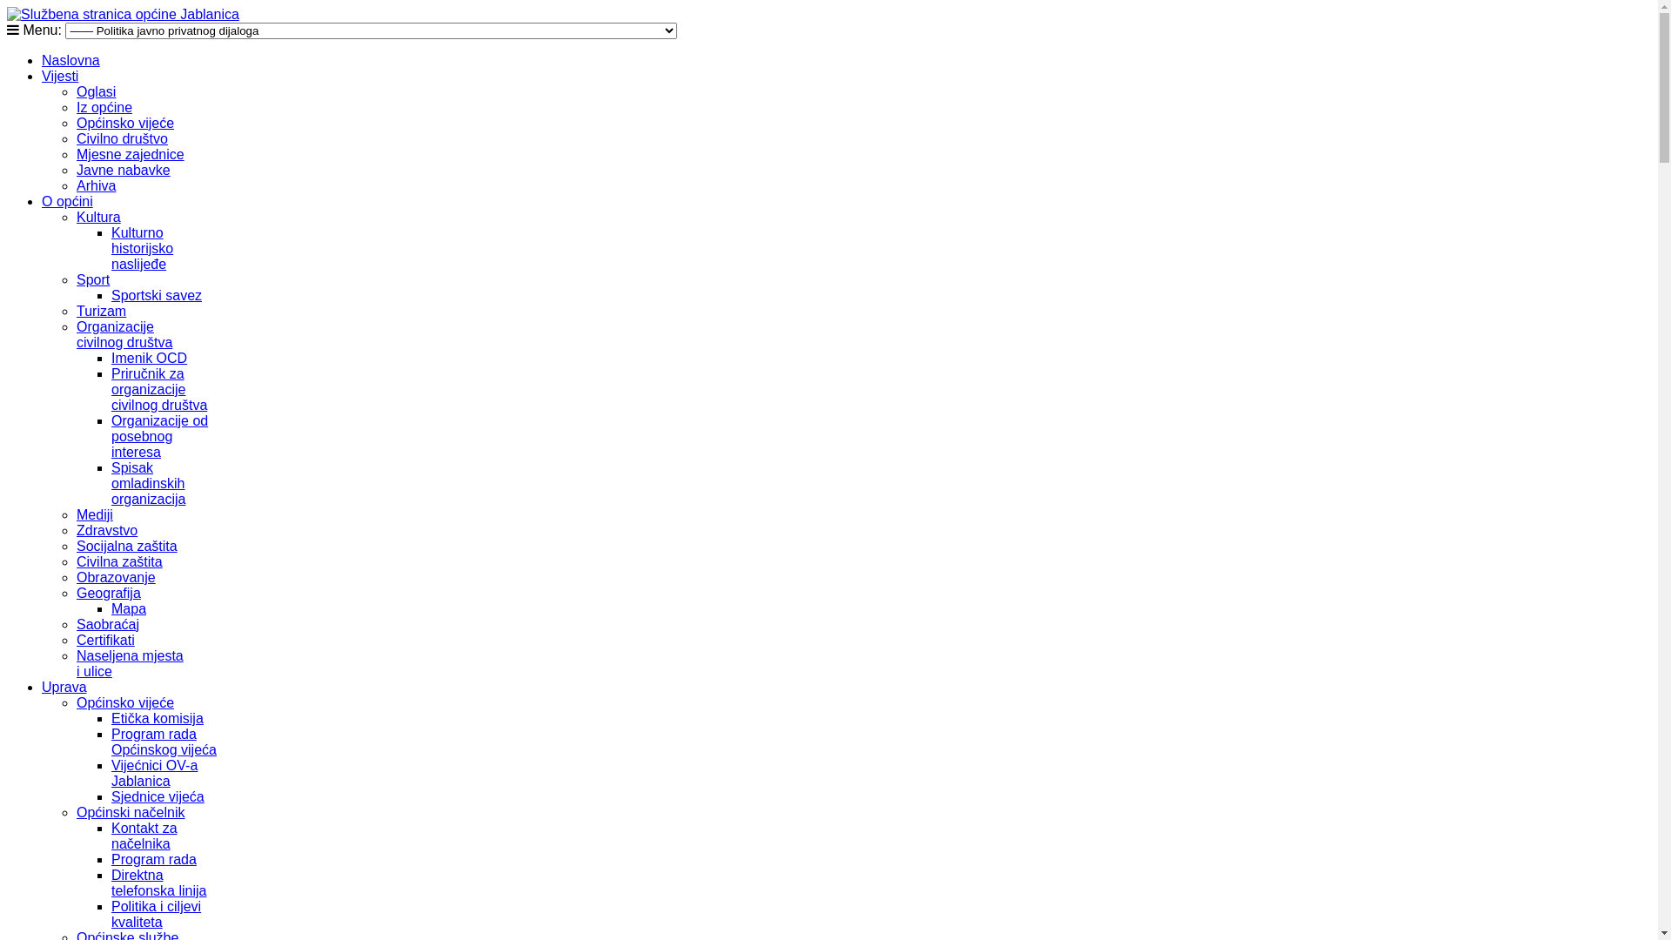 The image size is (1671, 940). What do you see at coordinates (42, 686) in the screenshot?
I see `'Uprava'` at bounding box center [42, 686].